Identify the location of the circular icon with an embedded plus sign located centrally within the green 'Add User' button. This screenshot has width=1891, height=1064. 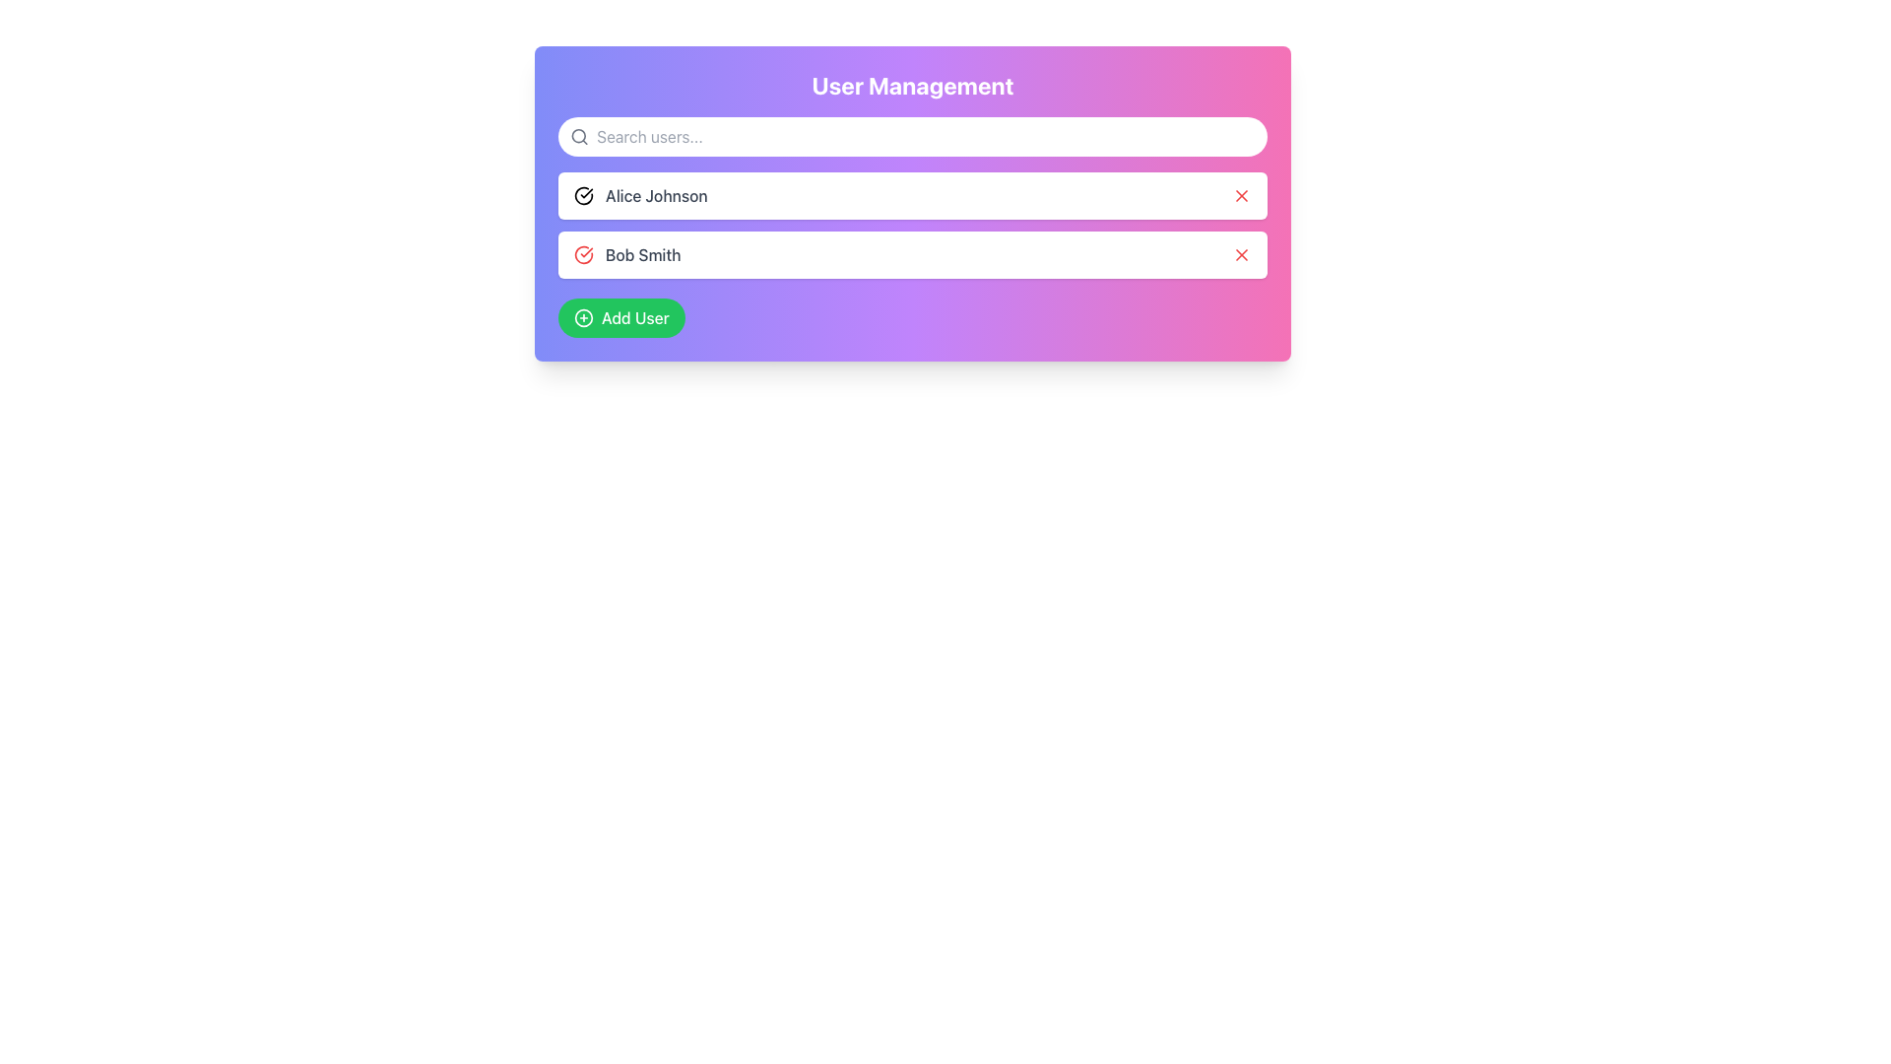
(583, 317).